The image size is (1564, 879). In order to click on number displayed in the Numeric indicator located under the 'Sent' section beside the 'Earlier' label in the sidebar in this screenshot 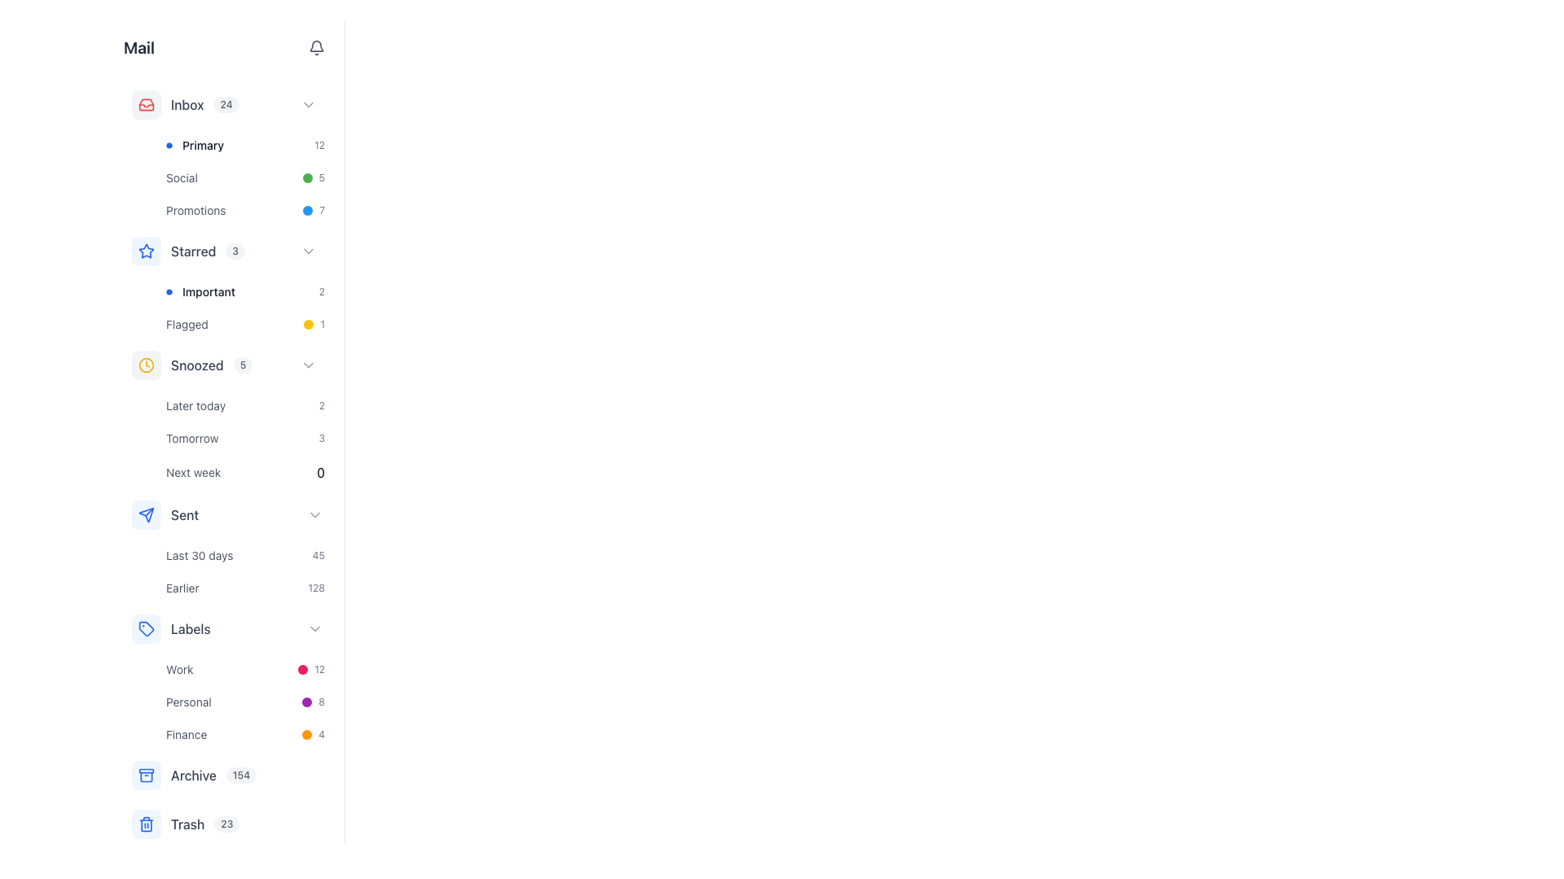, I will do `click(316, 588)`.